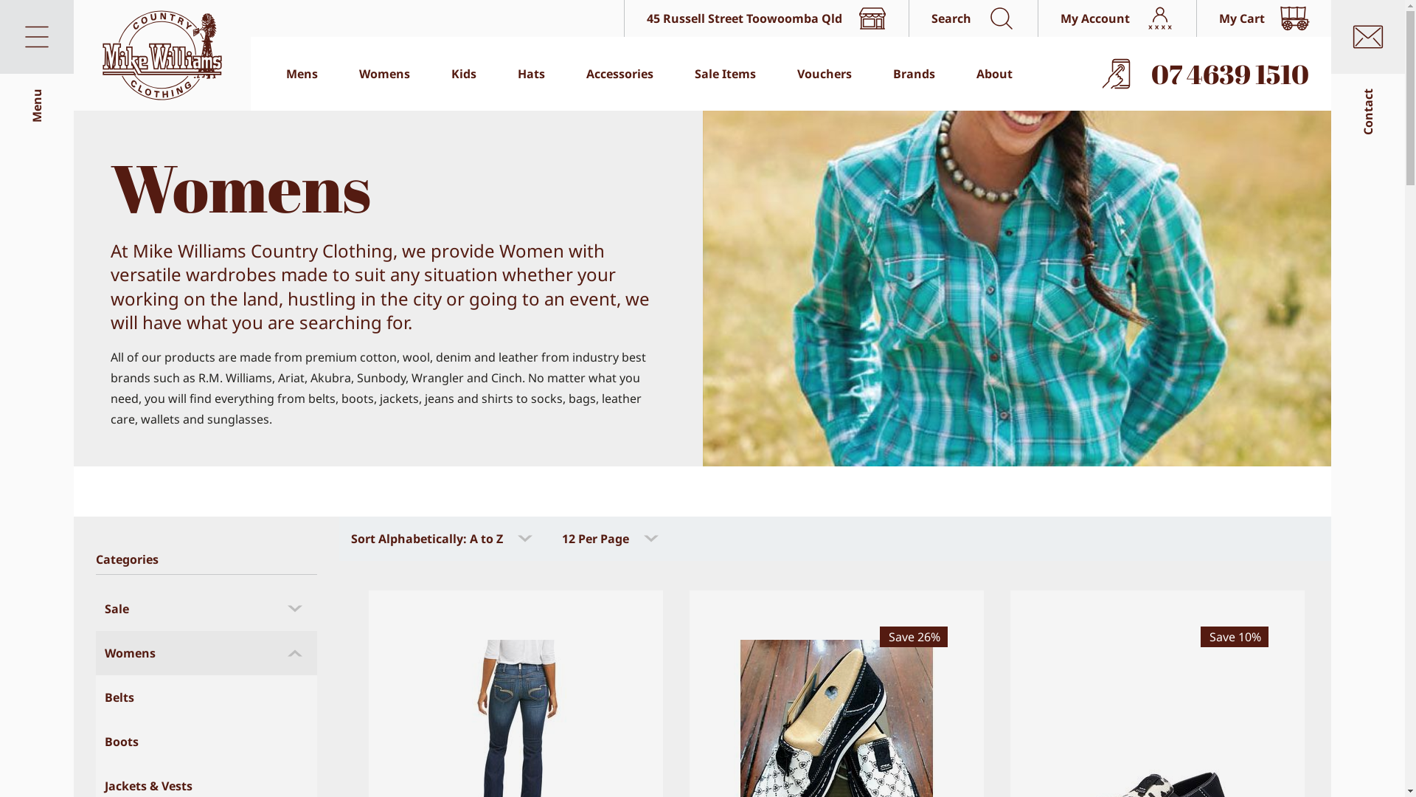  What do you see at coordinates (442, 538) in the screenshot?
I see `'Sort Alphabetically: A to Z'` at bounding box center [442, 538].